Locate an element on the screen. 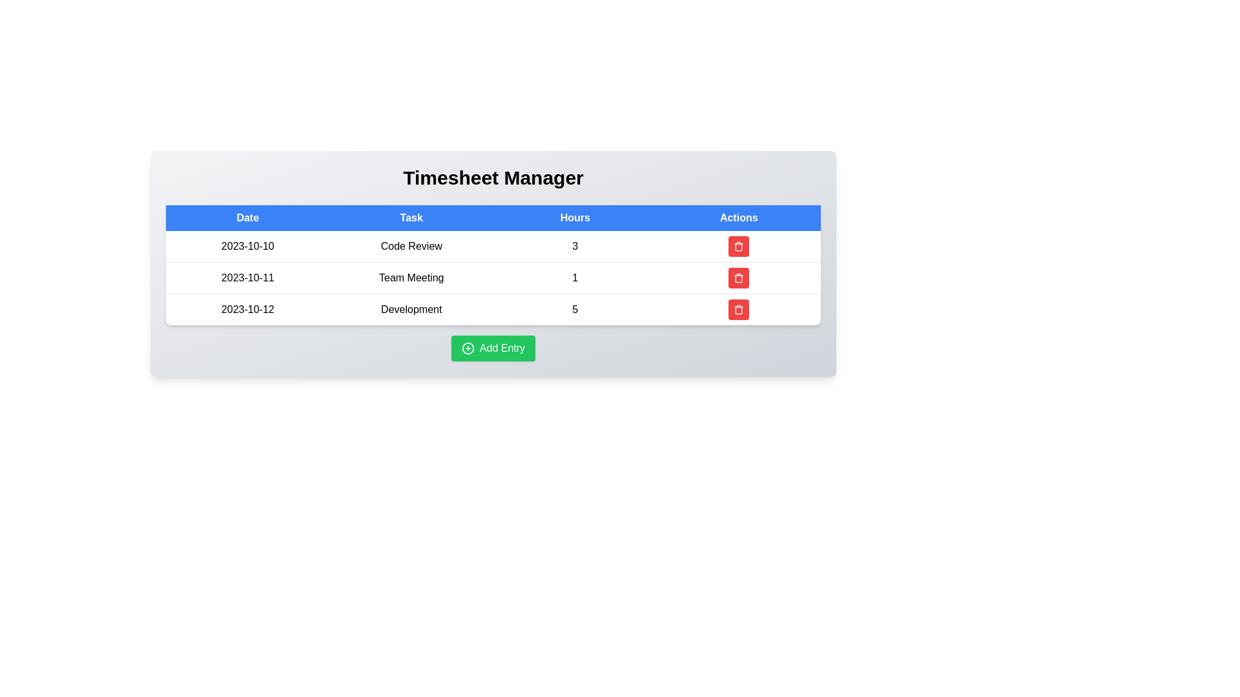 The image size is (1240, 697). the circular icon in the middle of the green rectangular button labeled 'Add Entry' located at the bottom center of the application layout to trigger tooltip or highlight feedback is located at coordinates (467, 348).